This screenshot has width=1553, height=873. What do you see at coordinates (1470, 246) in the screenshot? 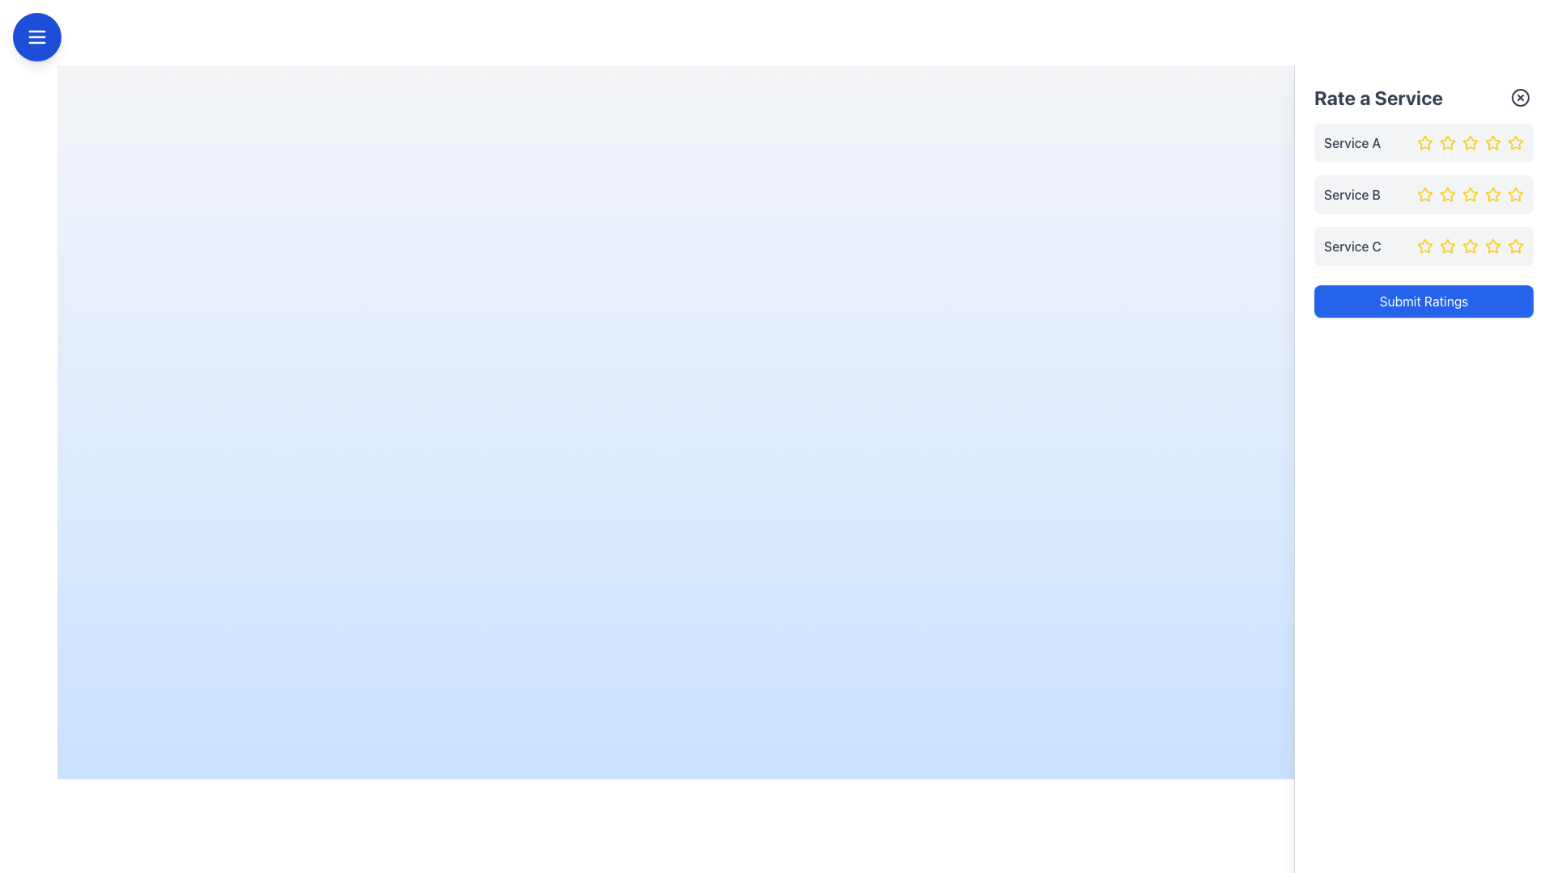
I see `the third star in the Service C rating component` at bounding box center [1470, 246].